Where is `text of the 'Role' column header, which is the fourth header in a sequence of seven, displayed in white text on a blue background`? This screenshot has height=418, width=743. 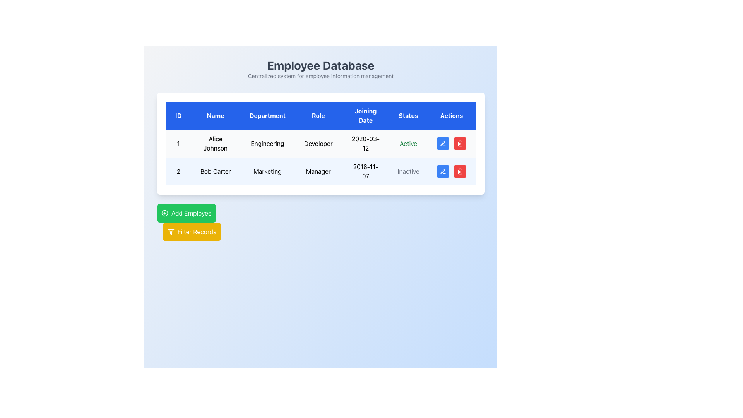
text of the 'Role' column header, which is the fourth header in a sequence of seven, displayed in white text on a blue background is located at coordinates (318, 116).